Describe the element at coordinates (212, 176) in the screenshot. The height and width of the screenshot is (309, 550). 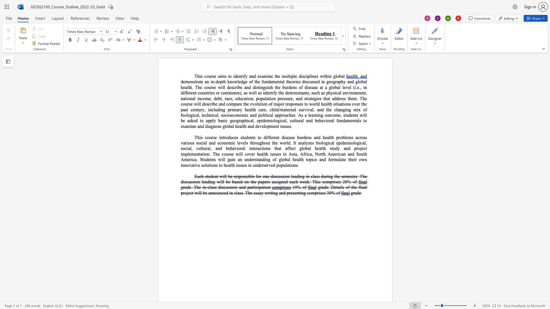
I see `the space between the continuous character "d" and "e" in the text` at that location.